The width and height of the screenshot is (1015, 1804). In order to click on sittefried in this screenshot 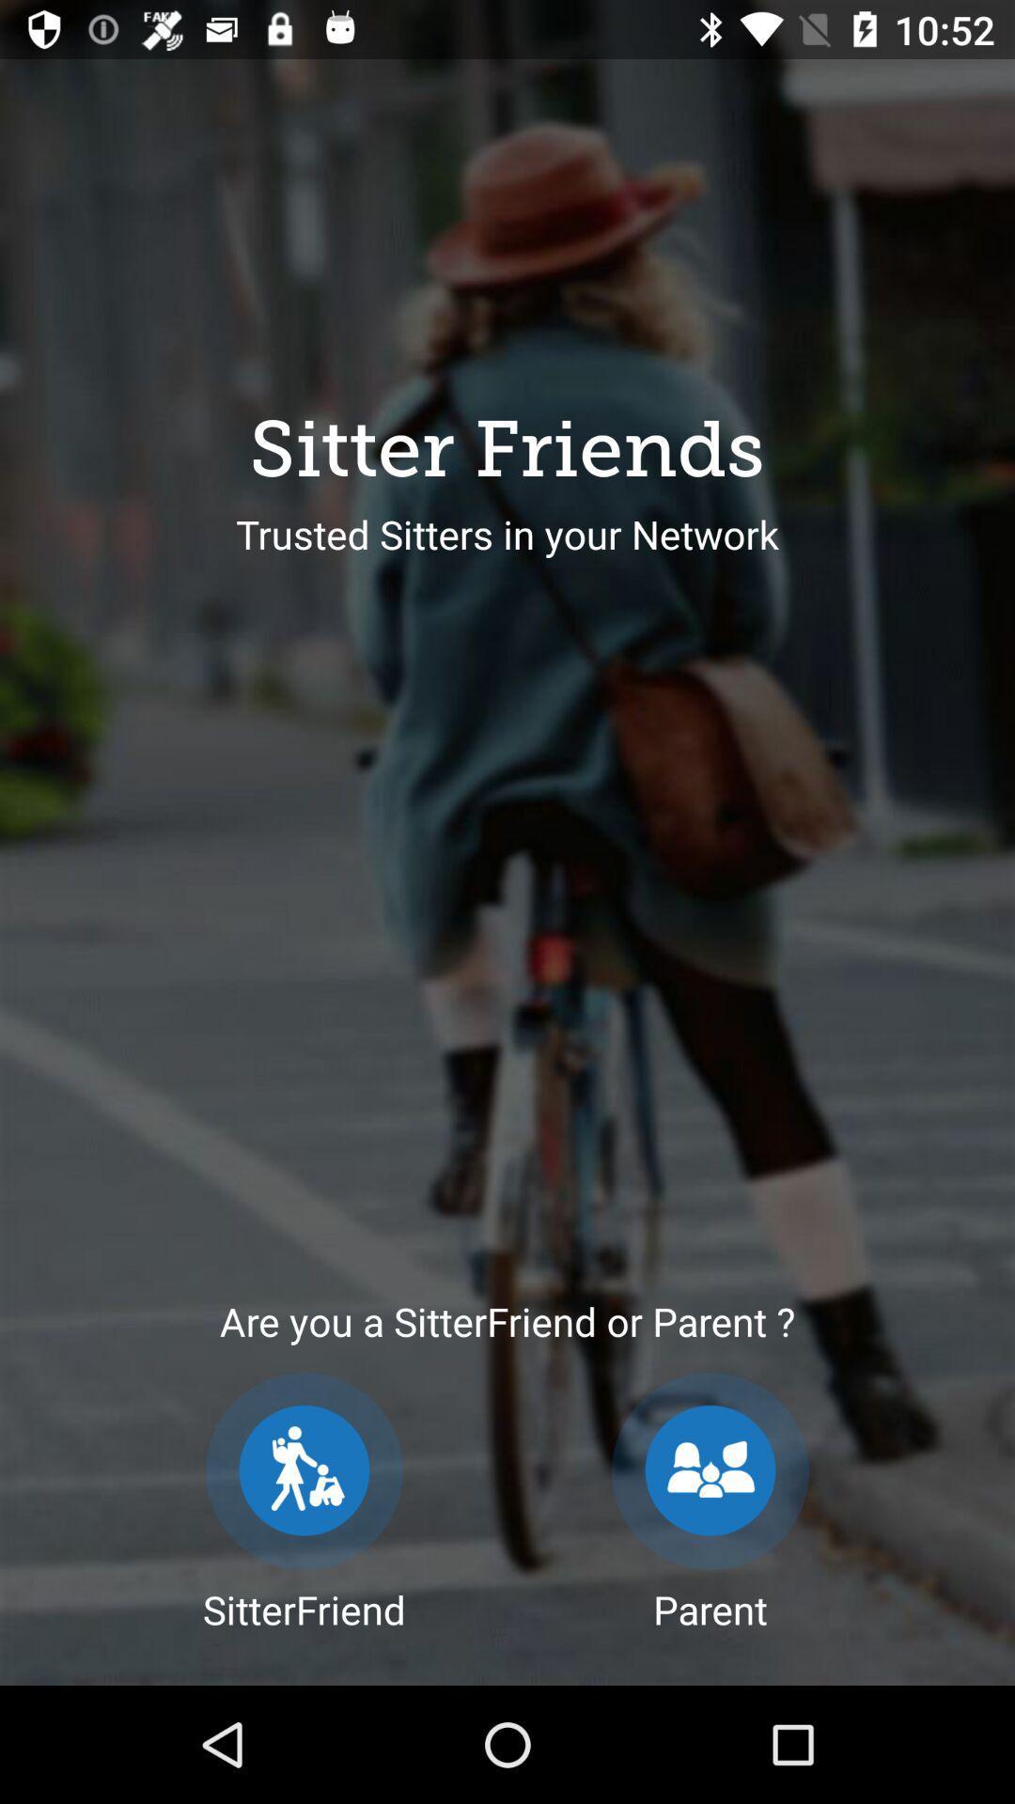, I will do `click(304, 1470)`.